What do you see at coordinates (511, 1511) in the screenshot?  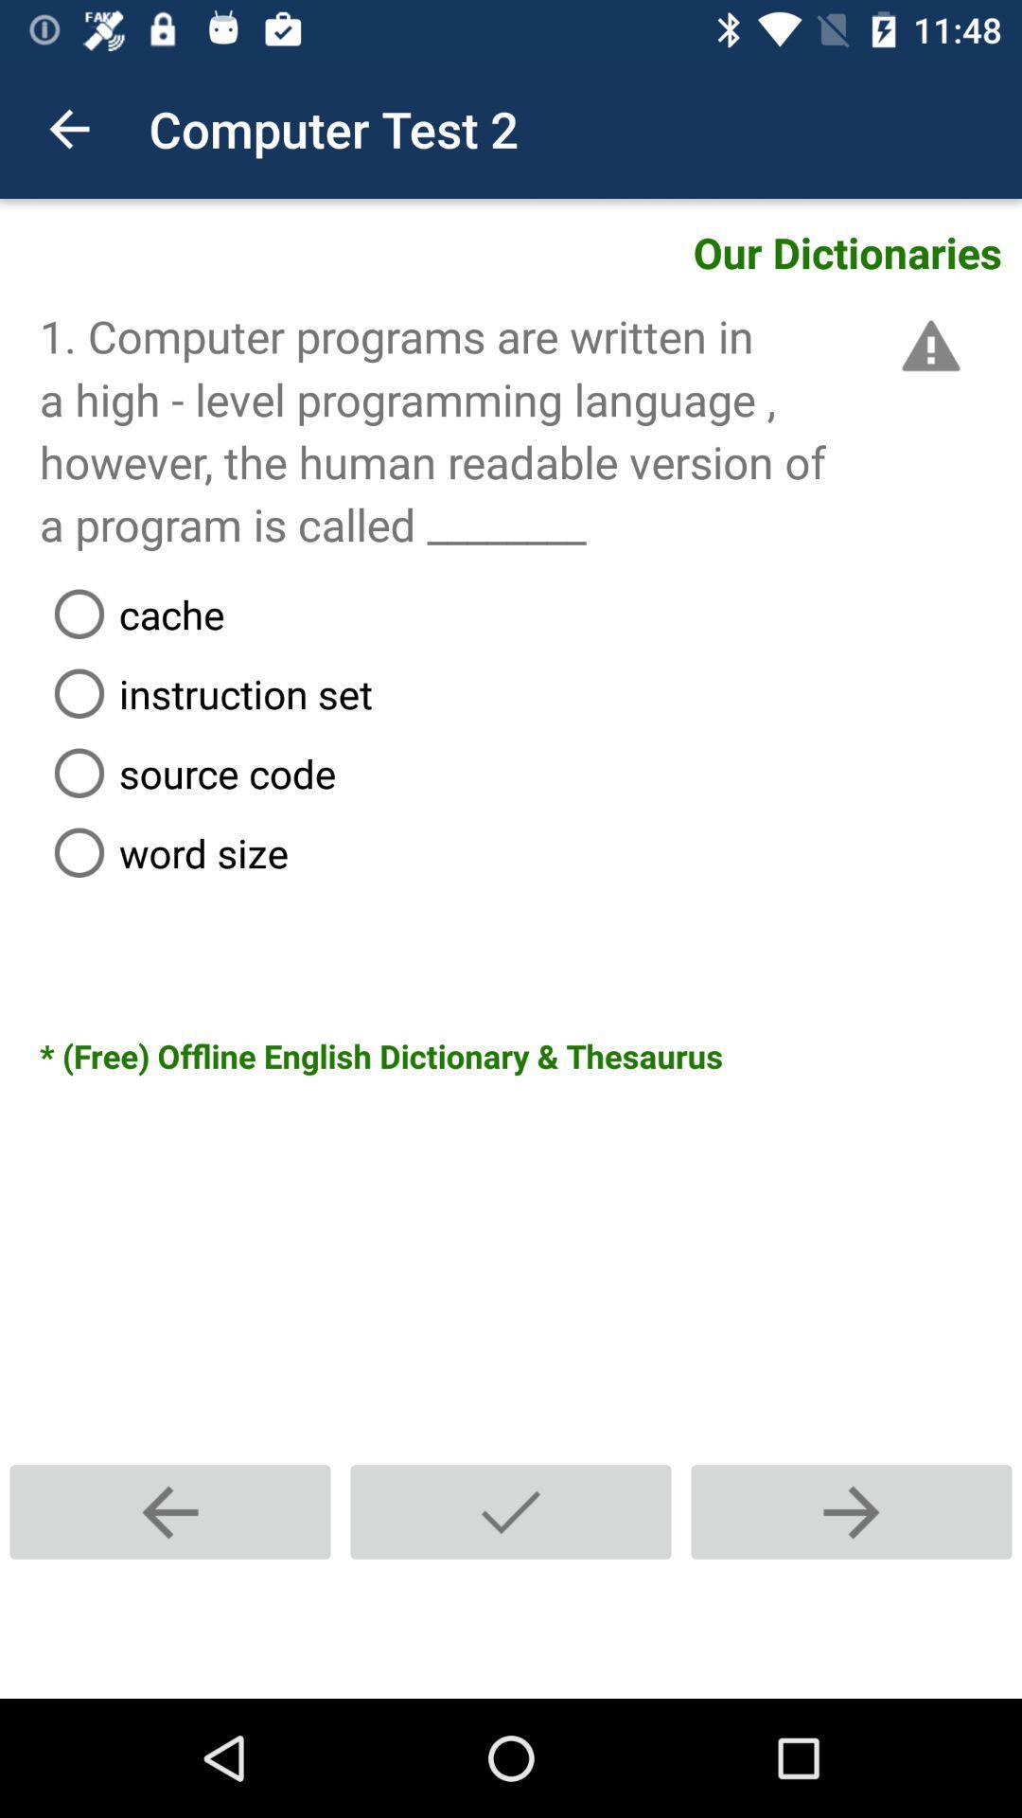 I see `item below the free offline english item` at bounding box center [511, 1511].